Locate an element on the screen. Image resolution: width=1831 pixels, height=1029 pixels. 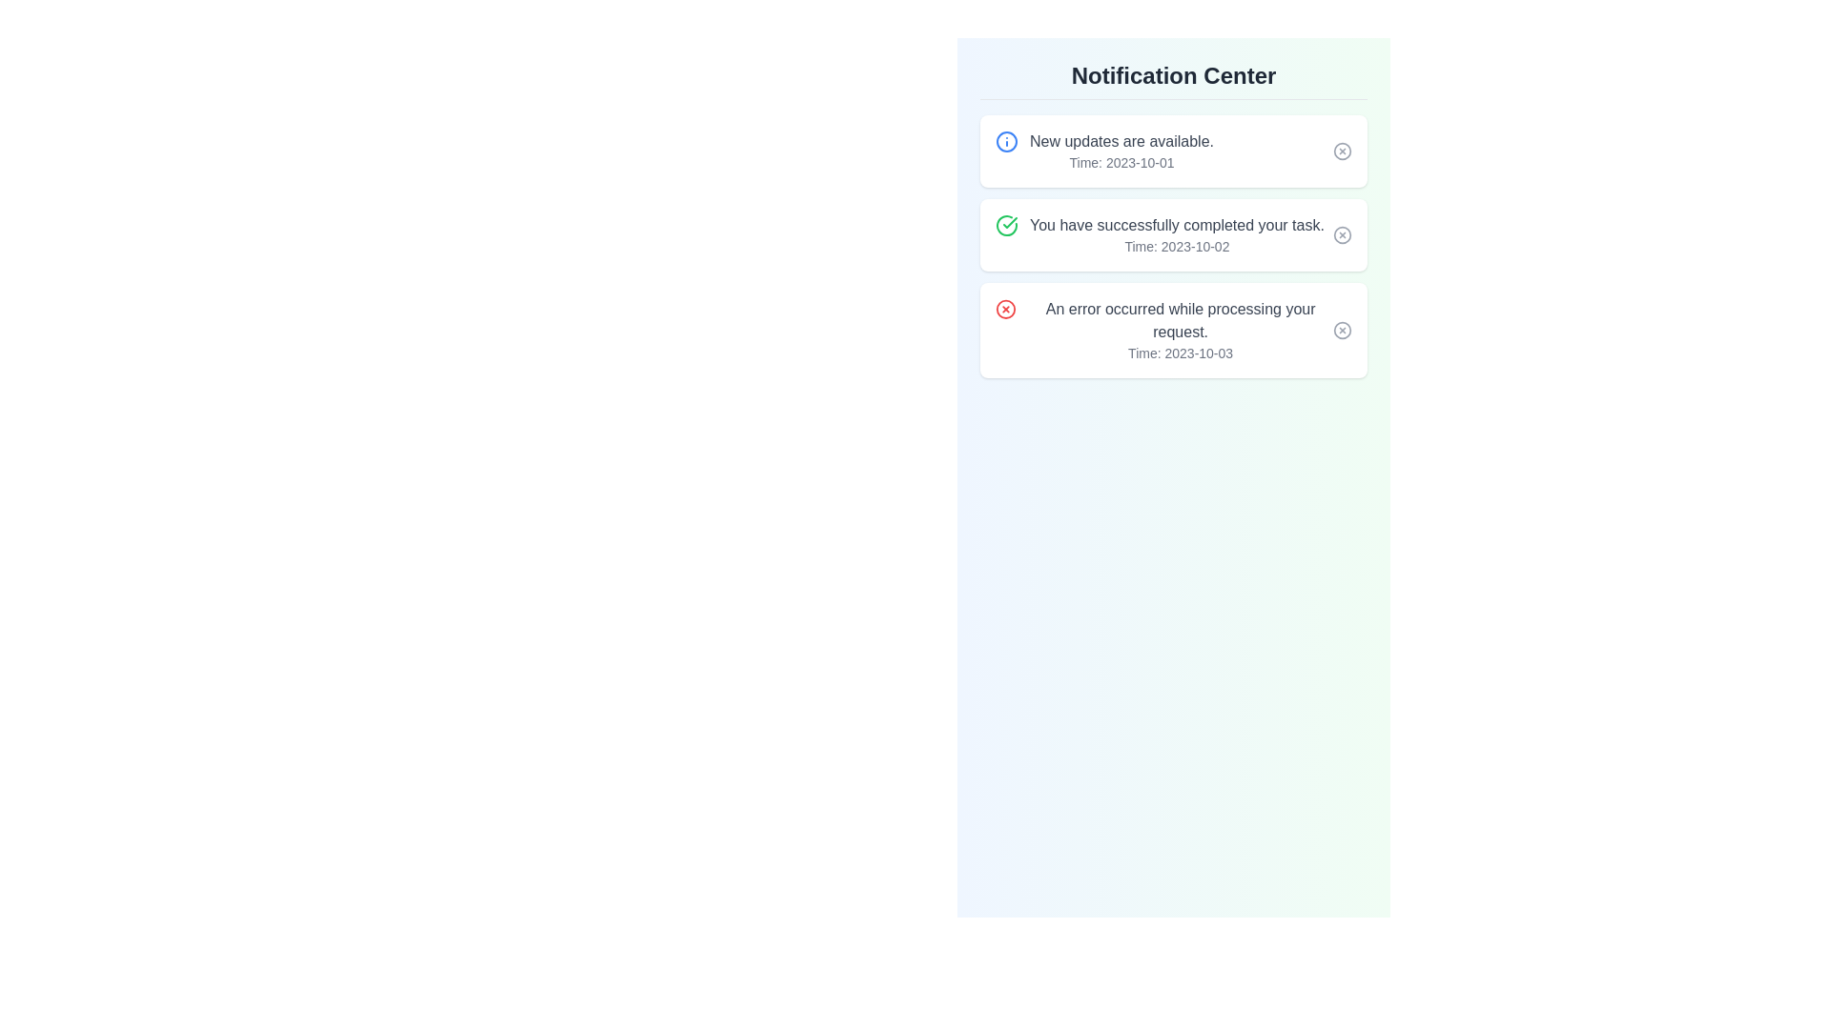
the text label that states 'You have successfully completed your task.' which is styled in gray color and located in the second notification card is located at coordinates (1176, 224).